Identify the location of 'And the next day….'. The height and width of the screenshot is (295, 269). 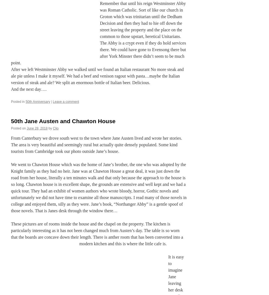
(29, 89).